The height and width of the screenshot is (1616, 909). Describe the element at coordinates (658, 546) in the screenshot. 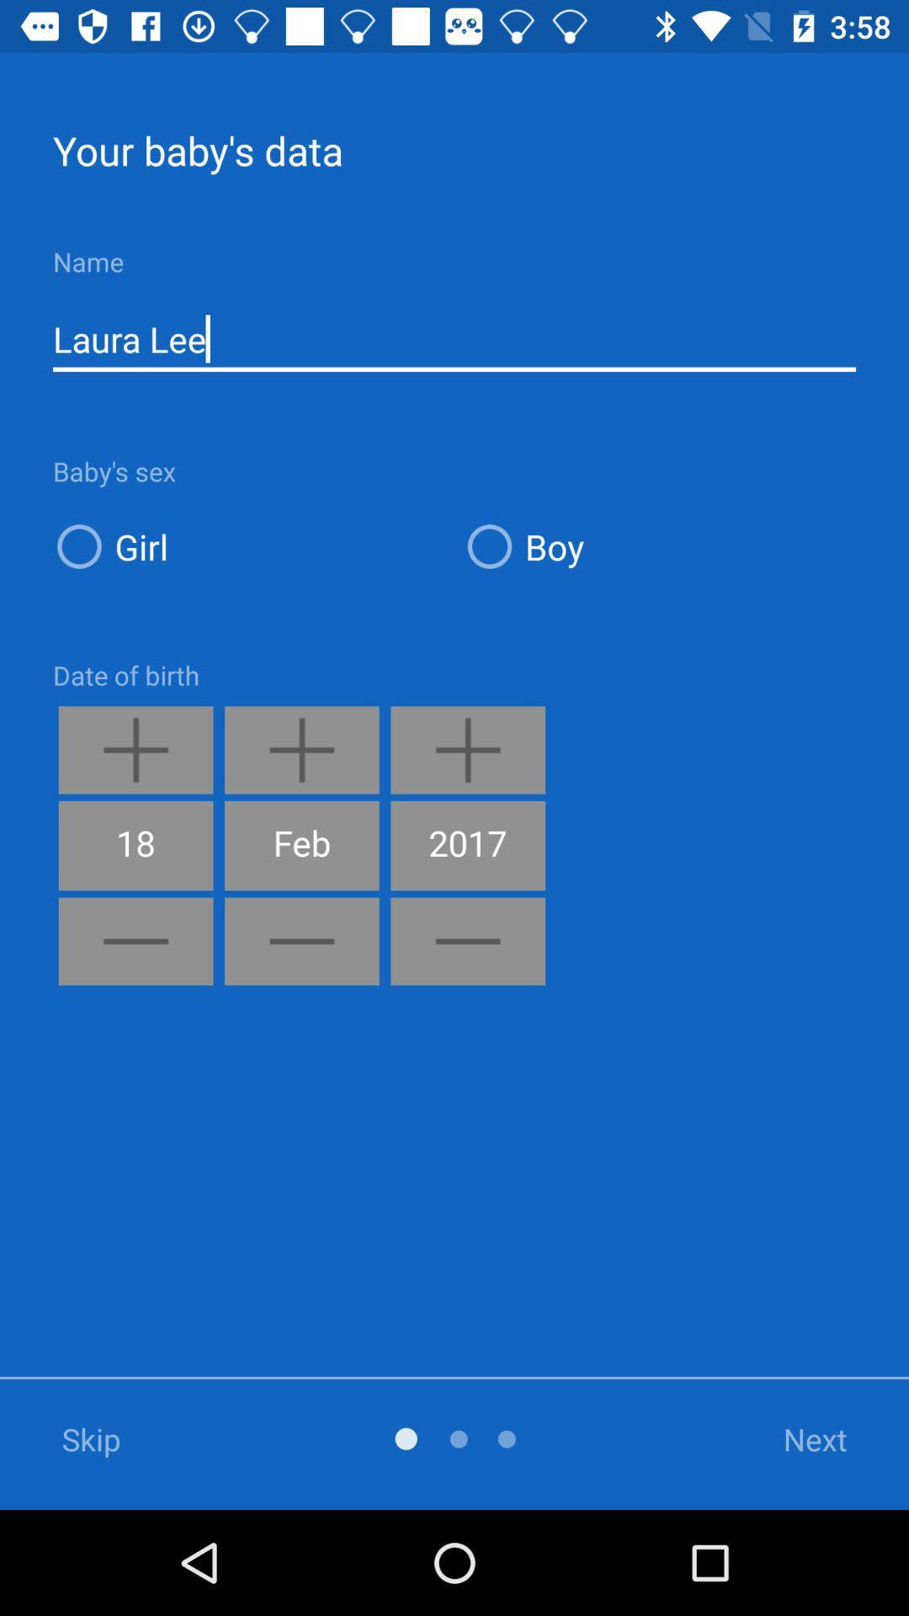

I see `the boy icon` at that location.